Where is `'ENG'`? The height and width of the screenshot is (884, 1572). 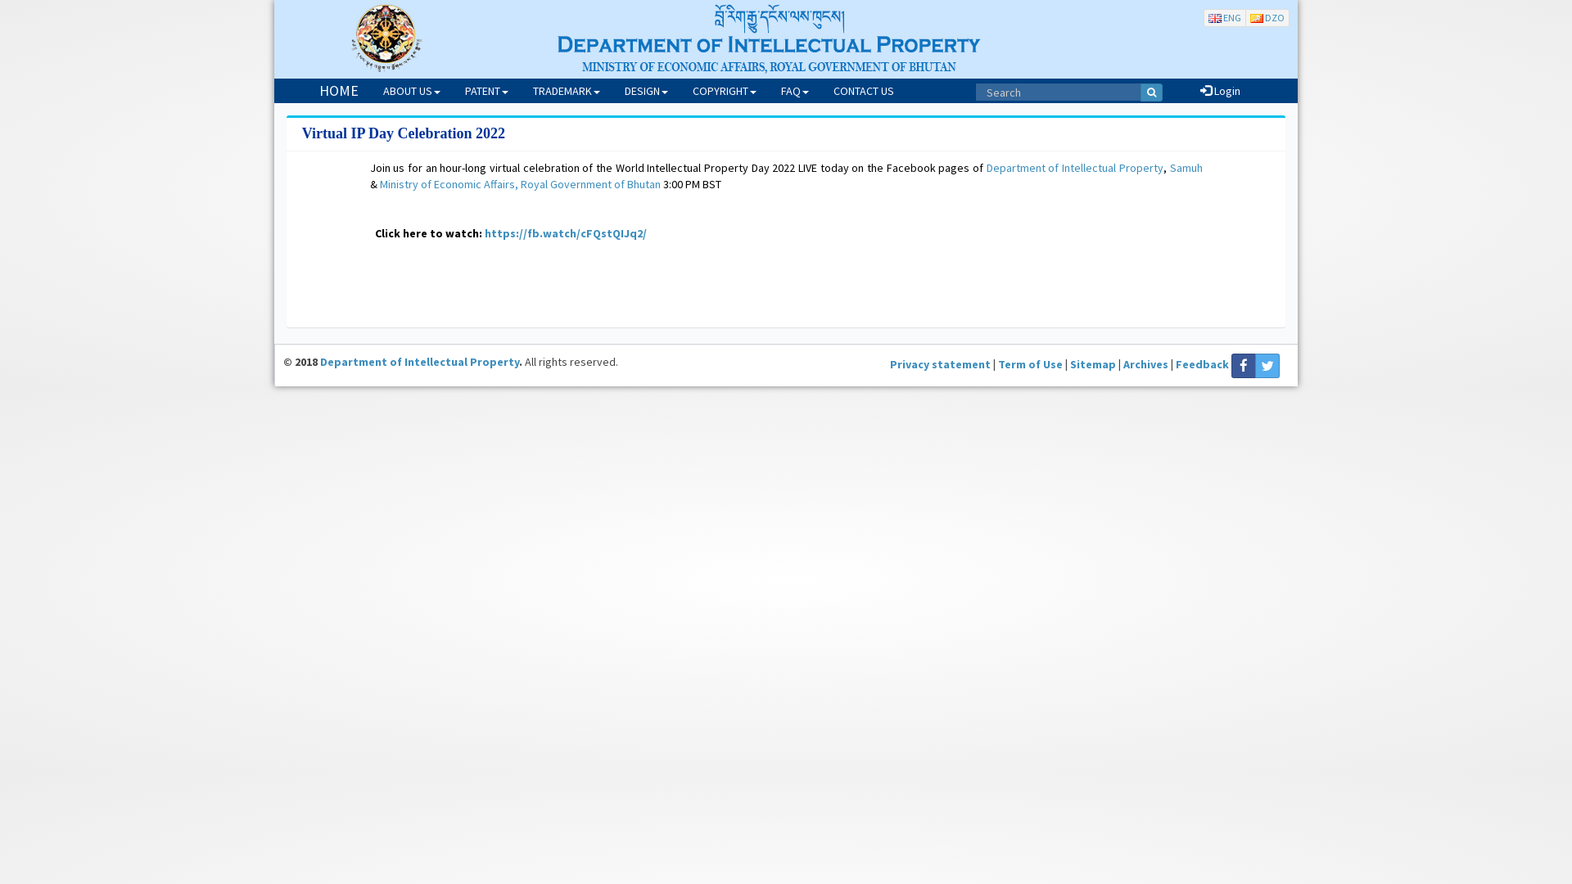 'ENG' is located at coordinates (1225, 17).